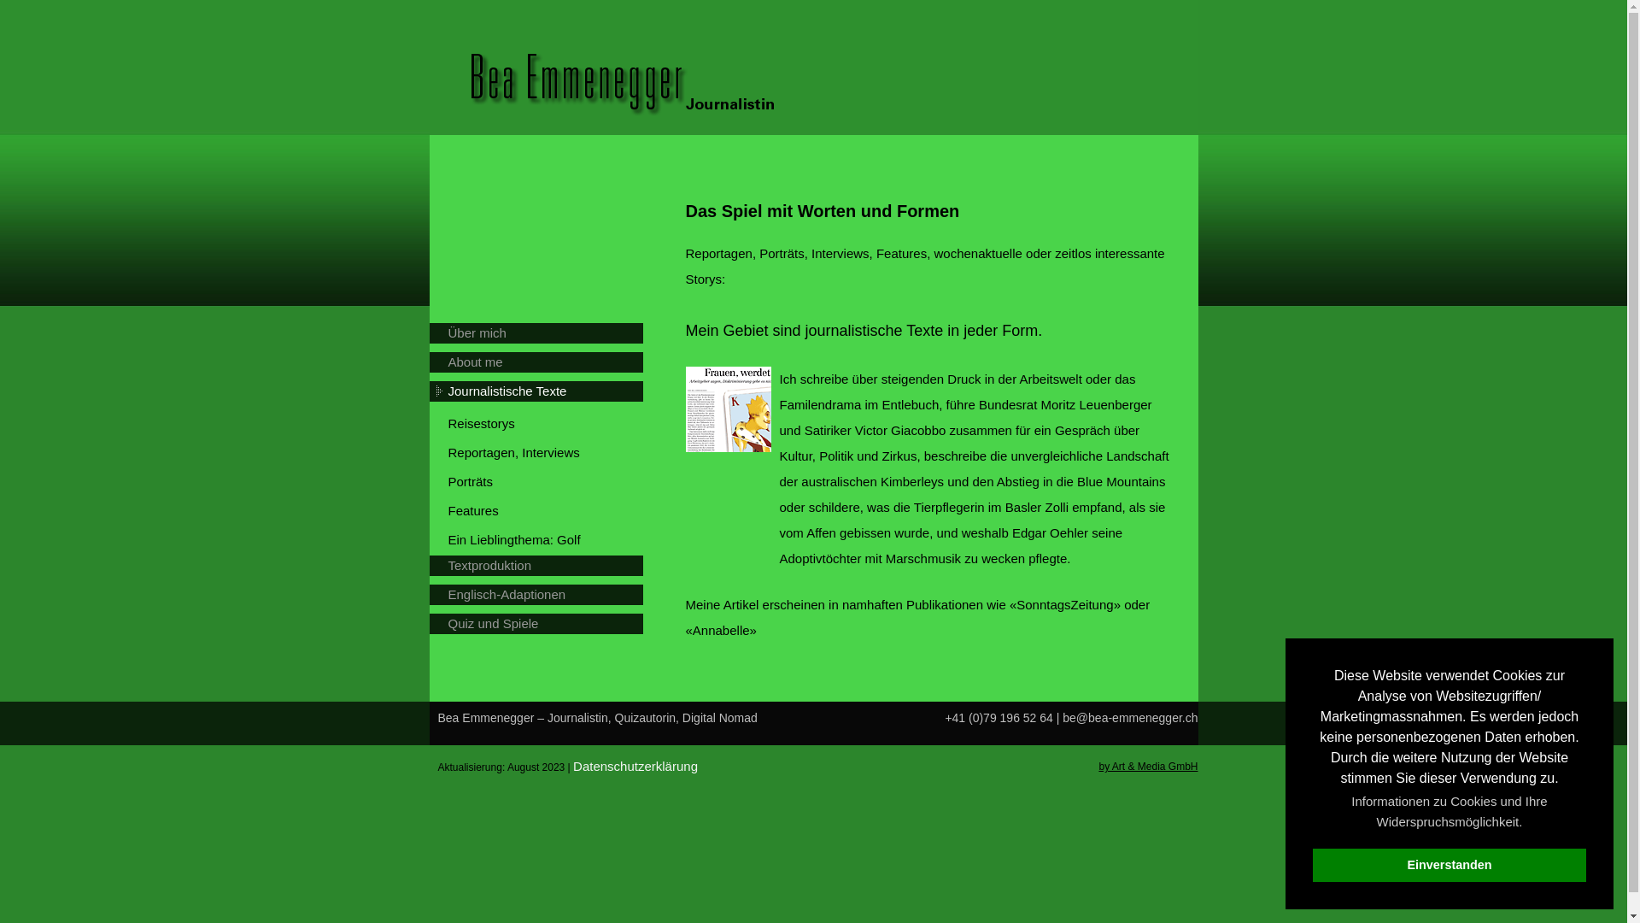  What do you see at coordinates (542, 593) in the screenshot?
I see `'Englisch-Adaptionen'` at bounding box center [542, 593].